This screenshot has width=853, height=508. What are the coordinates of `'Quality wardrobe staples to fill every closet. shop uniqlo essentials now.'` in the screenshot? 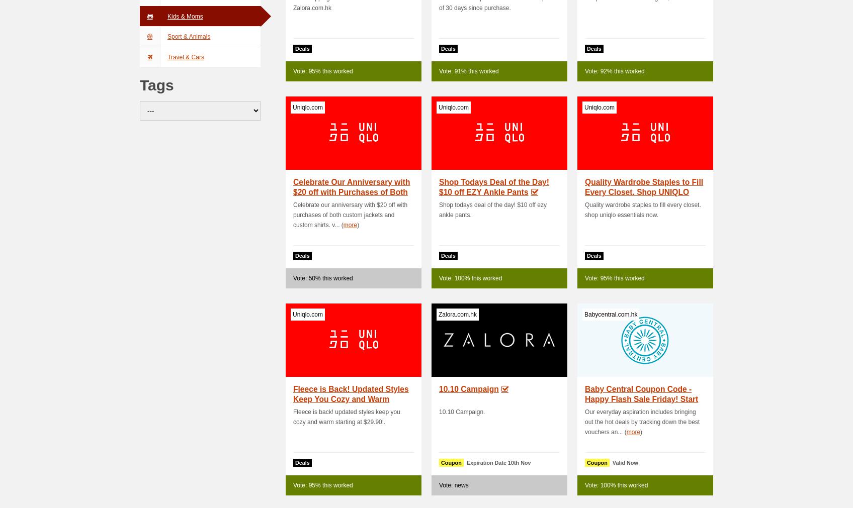 It's located at (642, 210).